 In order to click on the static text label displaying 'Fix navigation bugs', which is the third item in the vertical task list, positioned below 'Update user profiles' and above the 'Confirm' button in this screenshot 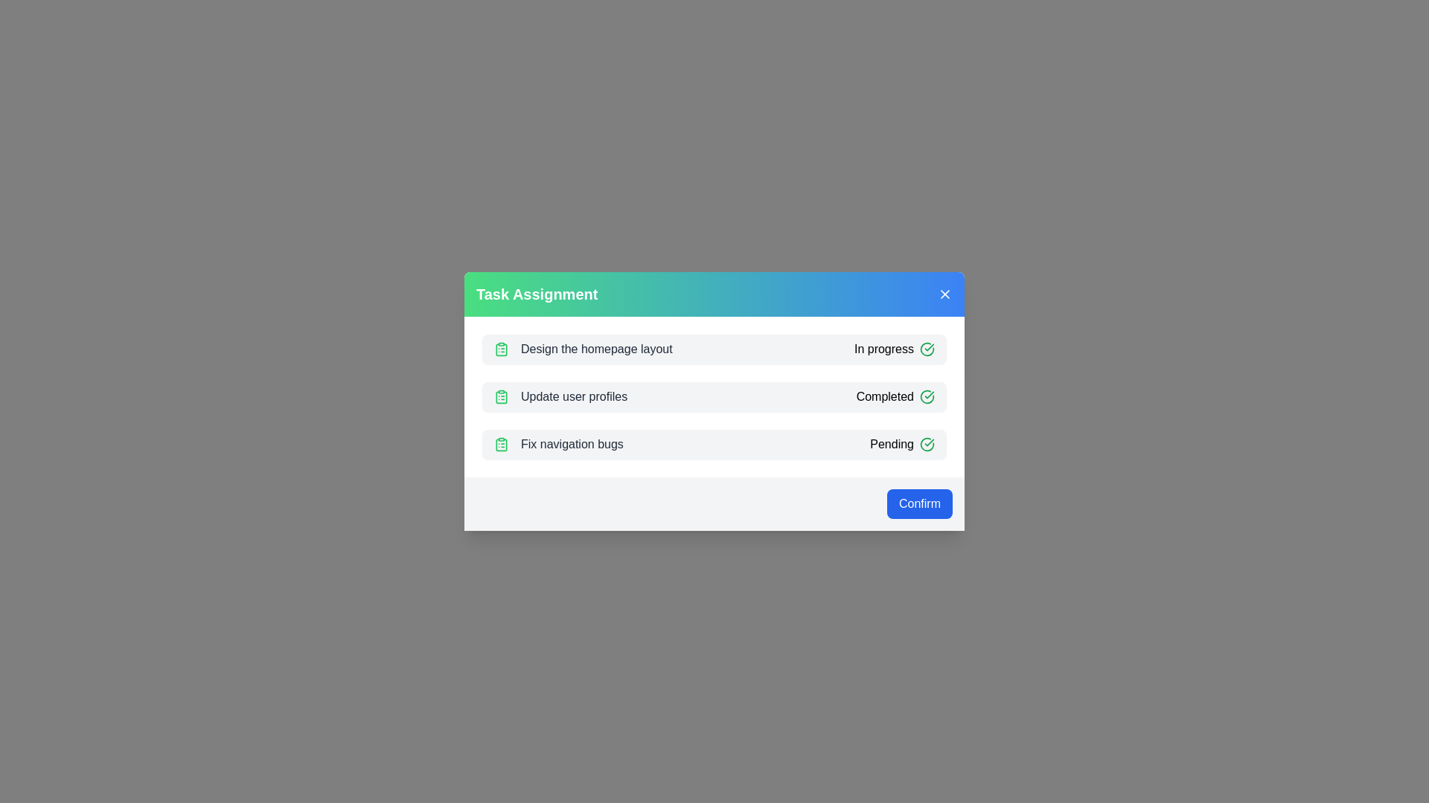, I will do `click(571, 443)`.